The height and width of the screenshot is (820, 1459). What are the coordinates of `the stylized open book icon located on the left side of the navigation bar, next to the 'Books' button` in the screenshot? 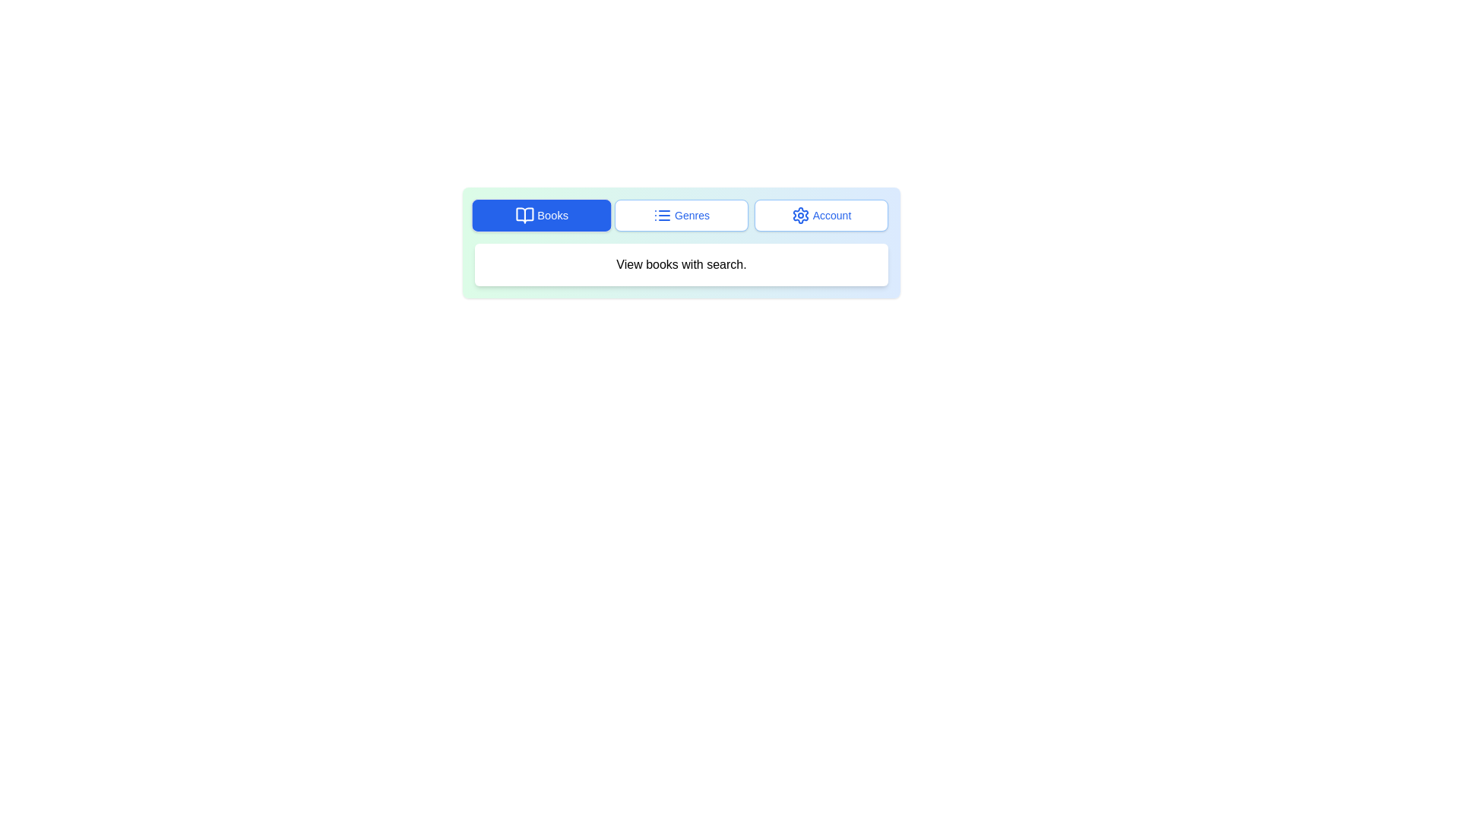 It's located at (524, 216).